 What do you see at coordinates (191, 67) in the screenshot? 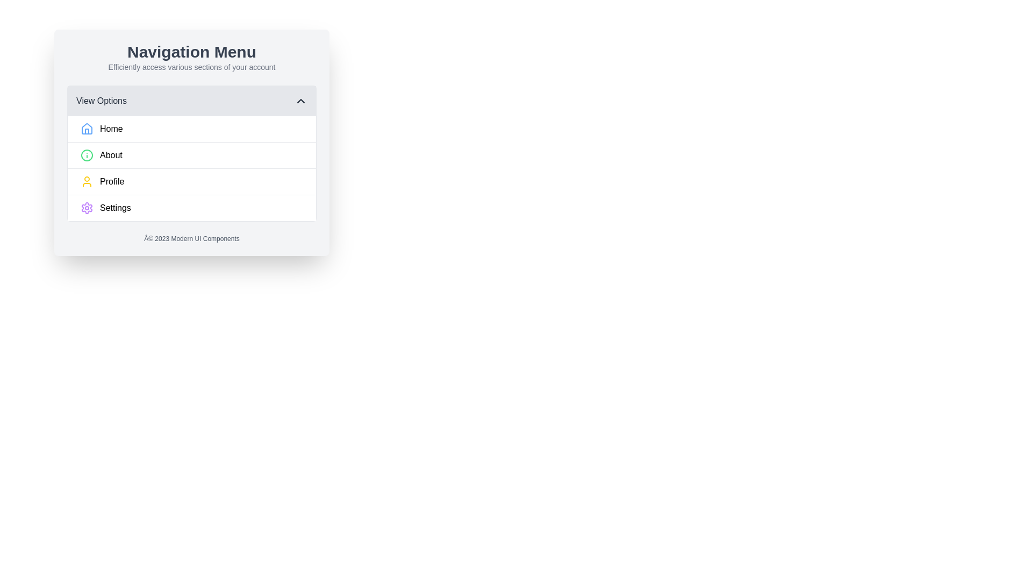
I see `the static text label that reads 'Efficiently access various sections of your account', which is styled in gray and positioned below the 'Navigation Menu' title` at bounding box center [191, 67].